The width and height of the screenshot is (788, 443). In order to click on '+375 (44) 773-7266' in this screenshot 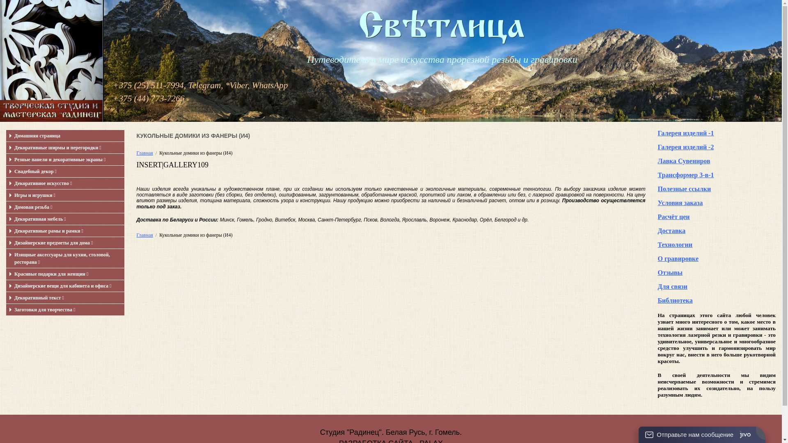, I will do `click(148, 98)`.